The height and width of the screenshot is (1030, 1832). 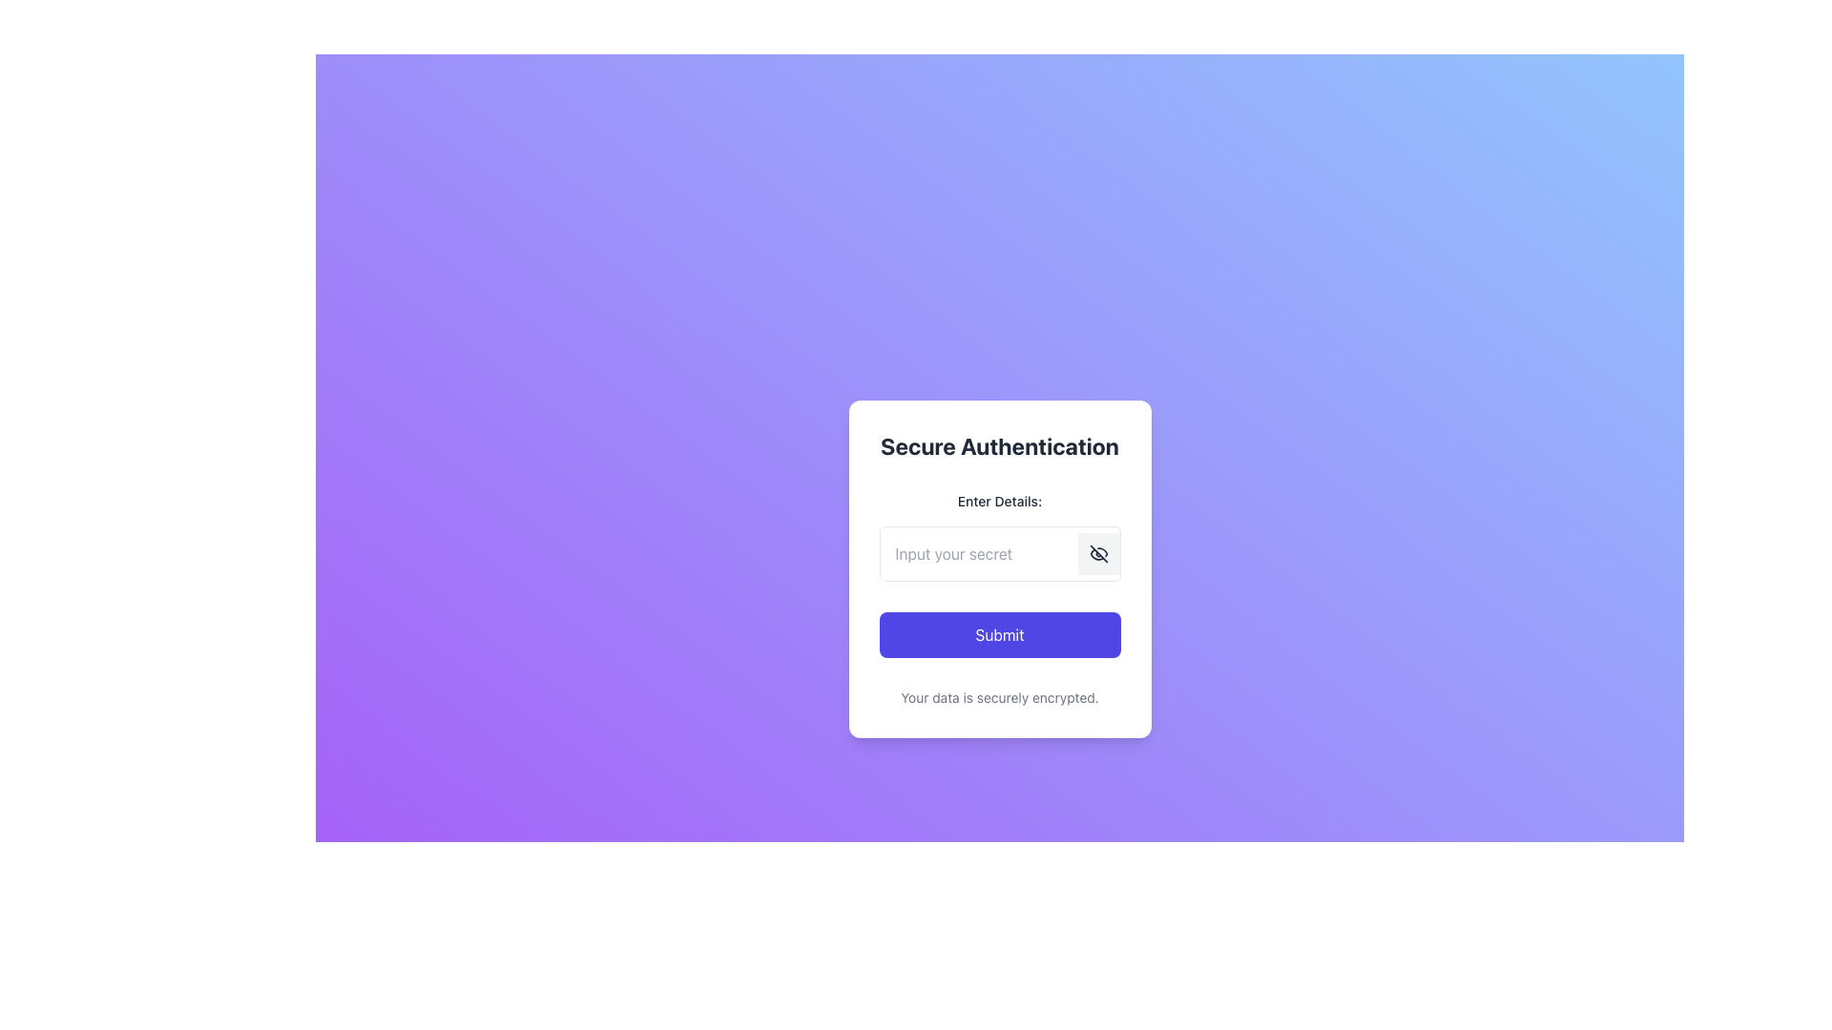 What do you see at coordinates (998, 698) in the screenshot?
I see `the informational text at the bottom of the card, which assures users about data security and is located directly below the 'Submit' button` at bounding box center [998, 698].